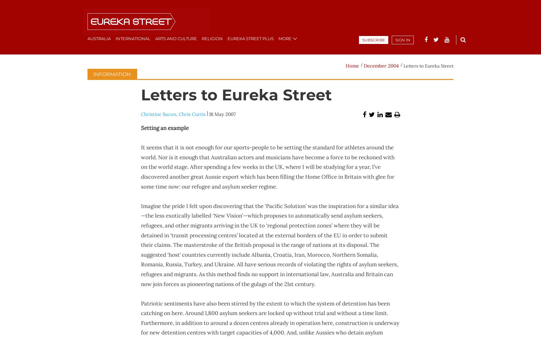 This screenshot has width=541, height=337. I want to click on 'It seems that it is not enough for our sports-people to be setting the standard for athletes around the world. Nor is it enough that Australian actors and musicians have become a force to be reckoned with on the world stage. After spending a few weeks in the UK, where I will be studying for a year, I’ve discovered another great Aussie export which has been filling the Home Office in Britain with glee for some time now: our refugee and asylum seeker regime.', so click(141, 167).